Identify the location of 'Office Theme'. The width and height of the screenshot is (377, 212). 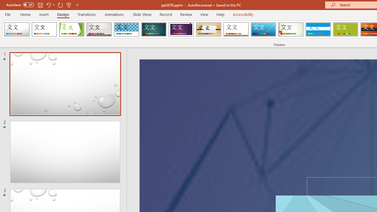
(44, 29).